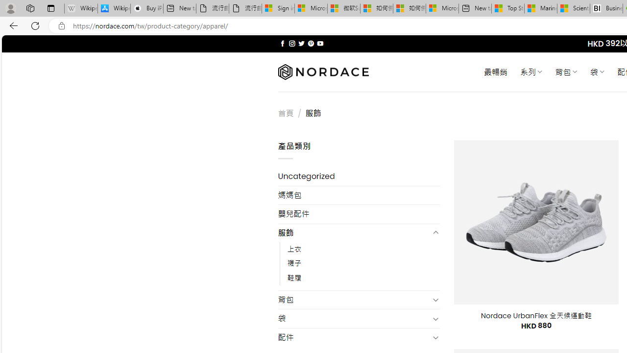 This screenshot has height=353, width=627. What do you see at coordinates (291, 43) in the screenshot?
I see `'Follow on Instagram'` at bounding box center [291, 43].